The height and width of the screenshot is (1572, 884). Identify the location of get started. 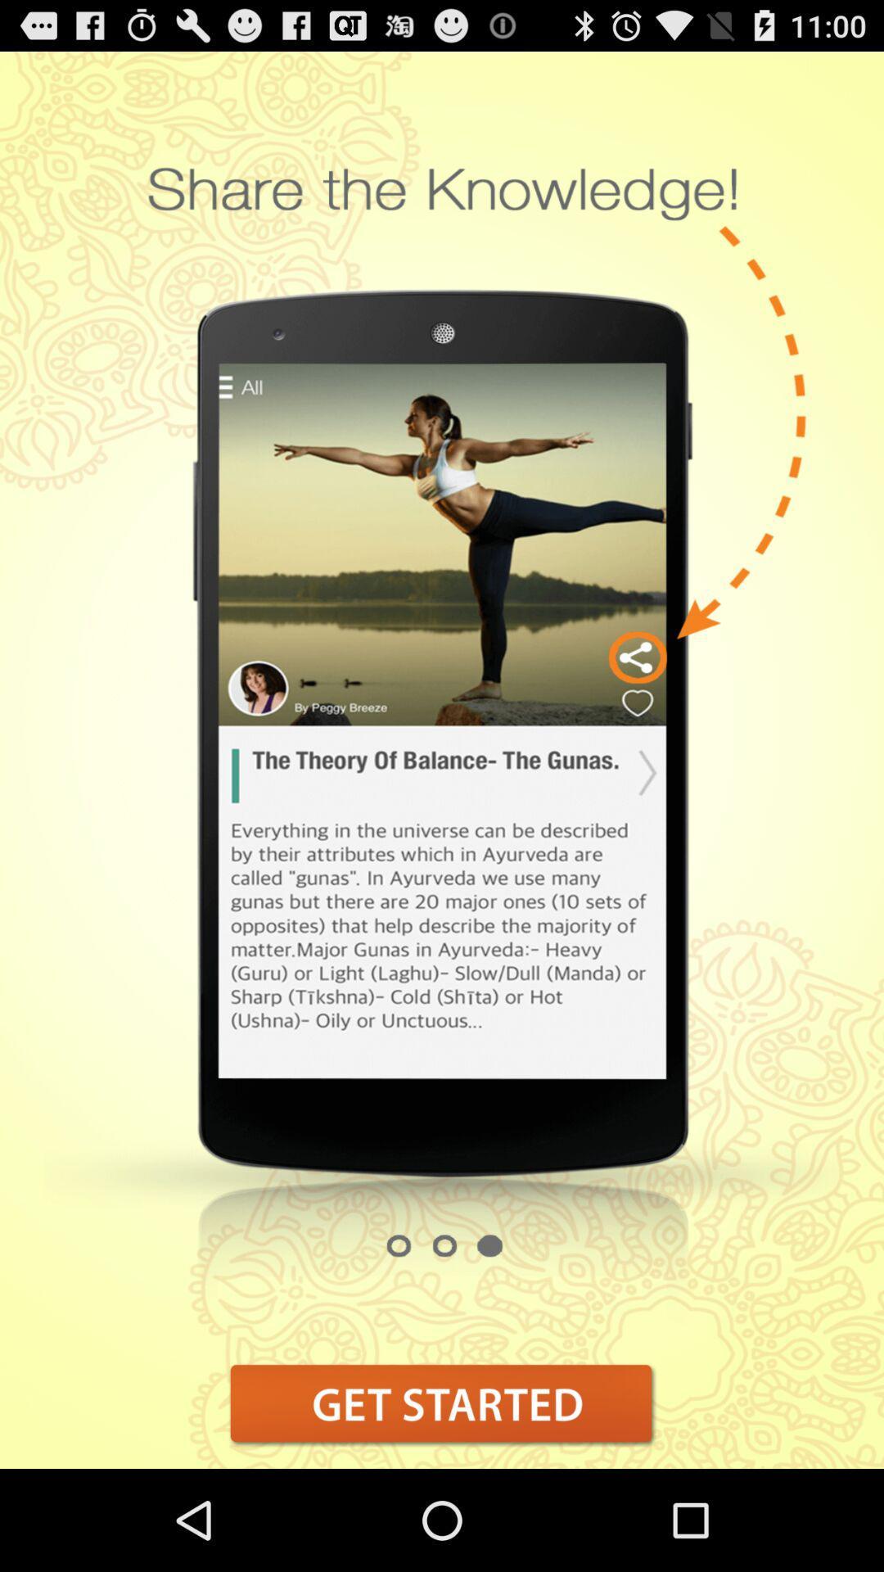
(442, 1403).